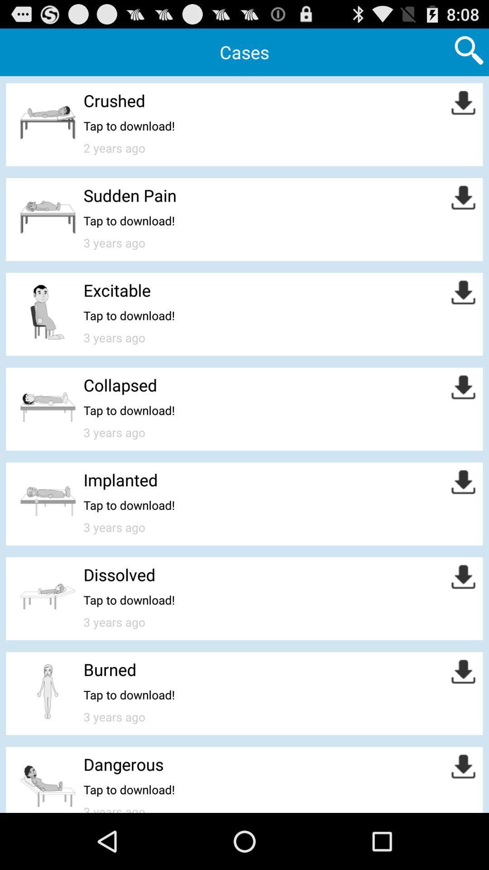  I want to click on item above the tap to download! icon, so click(130, 195).